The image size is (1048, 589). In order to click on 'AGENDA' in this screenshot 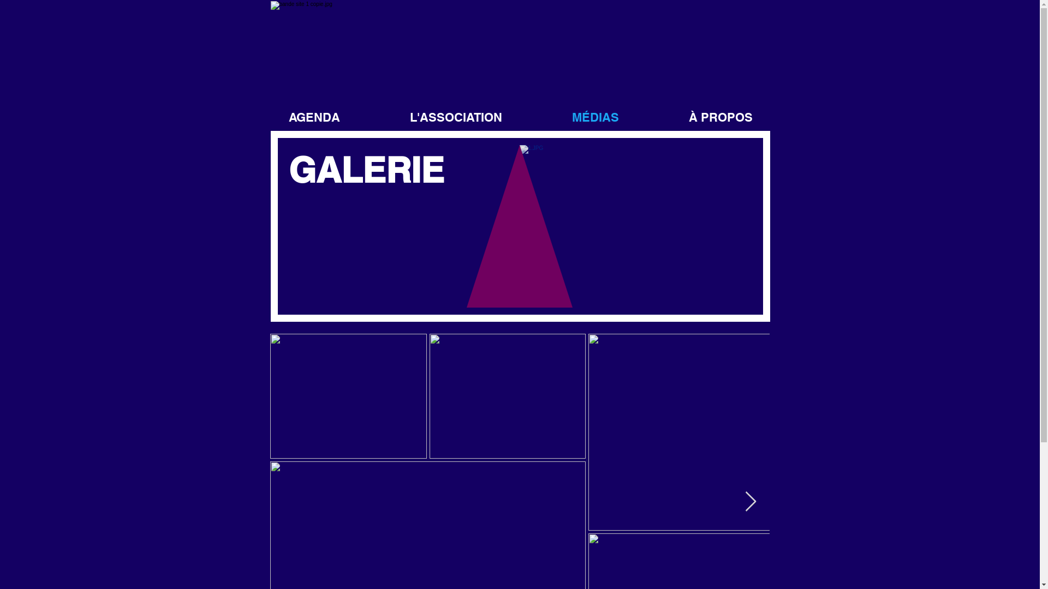, I will do `click(313, 117)`.